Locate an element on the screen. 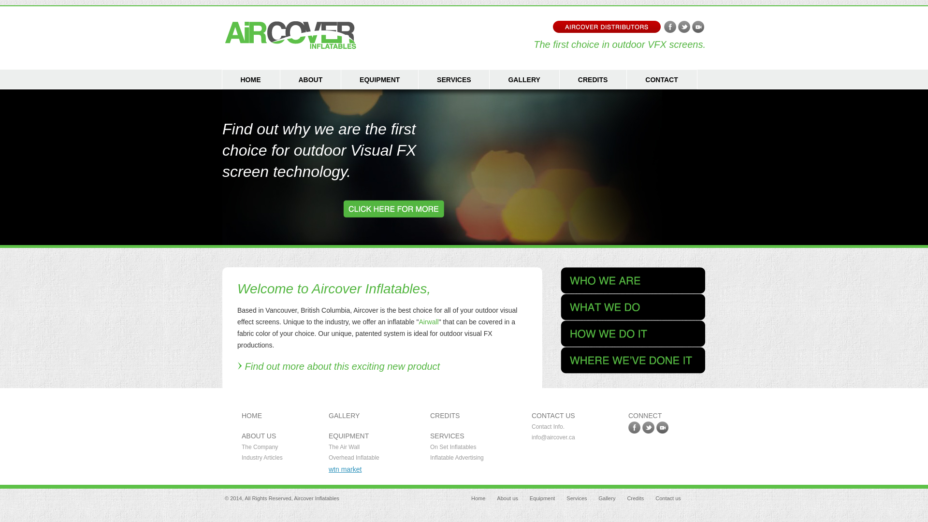 The height and width of the screenshot is (522, 928). 'HOME' is located at coordinates (252, 415).